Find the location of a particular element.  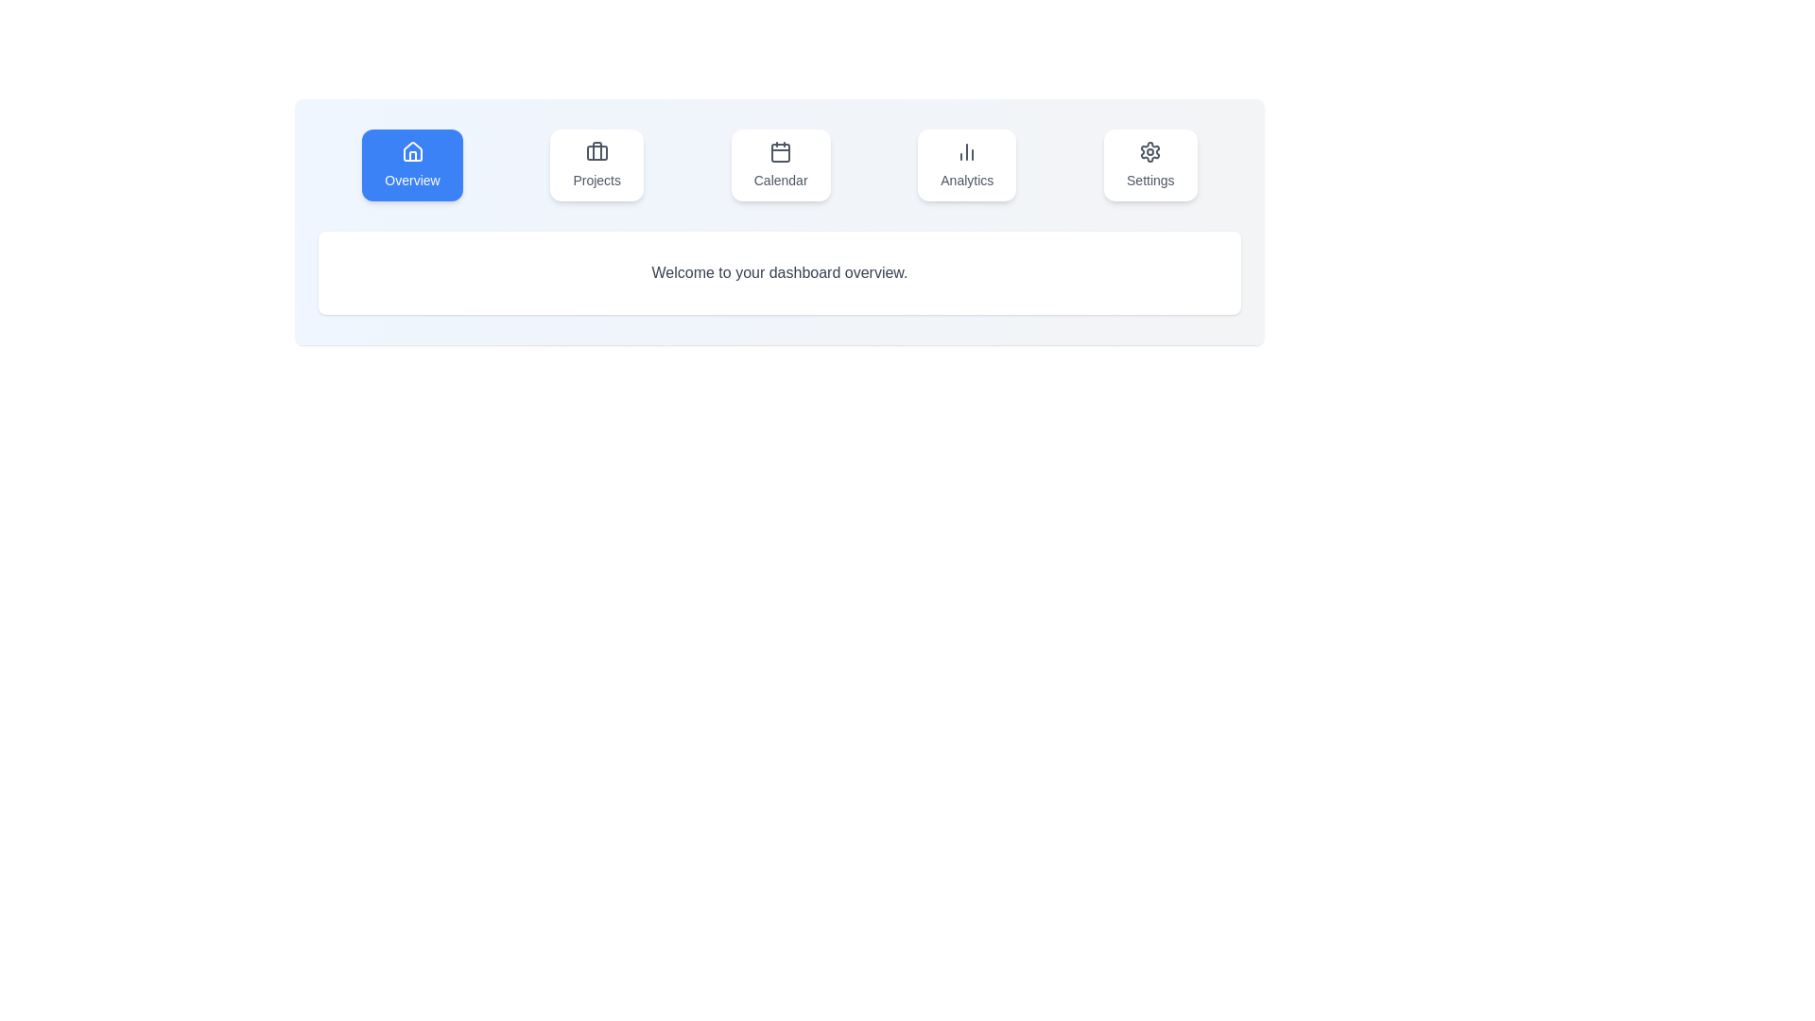

the rounded rectangular button with a white background and a gray calendar icon labeled 'Calendar' is located at coordinates (781, 164).